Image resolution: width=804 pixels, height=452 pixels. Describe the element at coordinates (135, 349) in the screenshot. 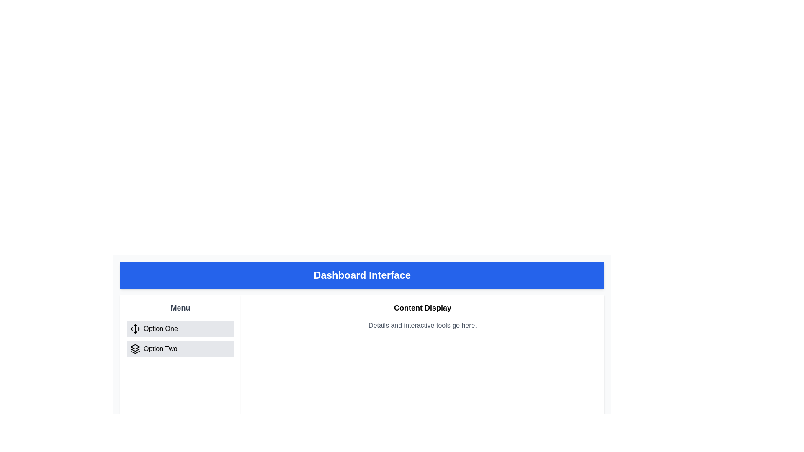

I see `the 'Option Two' menu icon, which is the first icon to the left of the text 'Option Two' in the left menu` at that location.